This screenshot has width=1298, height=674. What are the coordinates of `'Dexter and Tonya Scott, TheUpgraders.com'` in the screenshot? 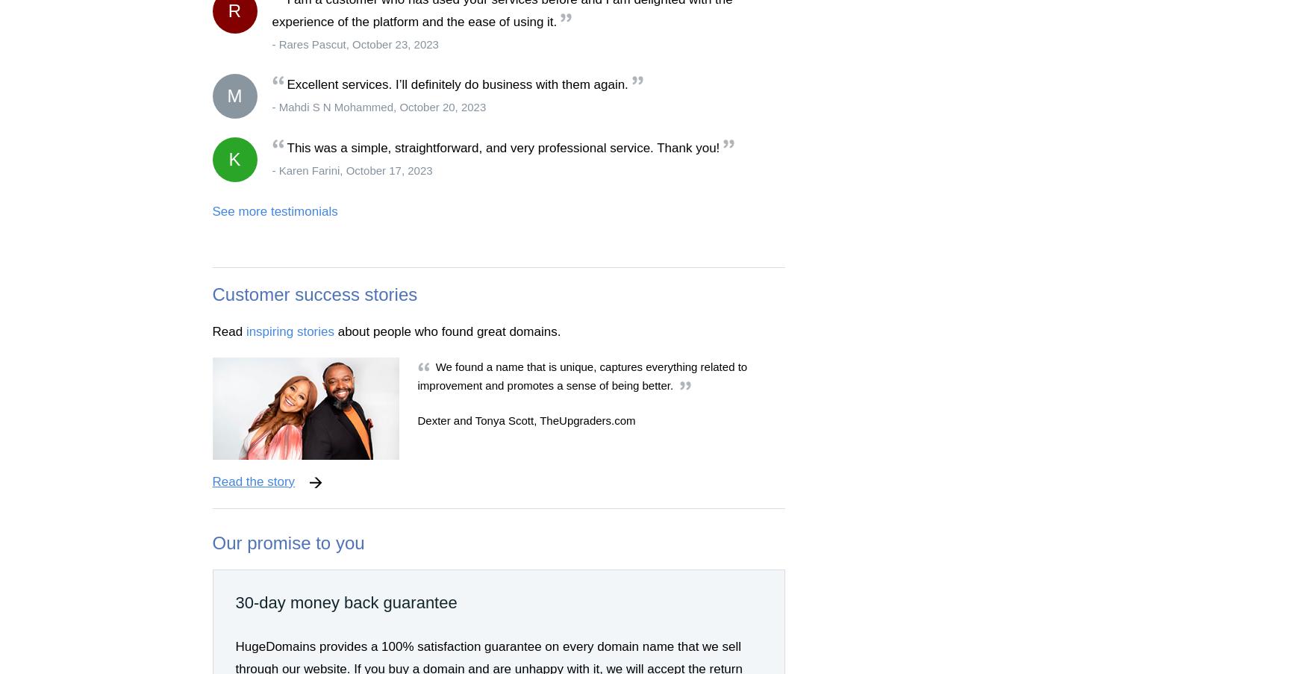 It's located at (525, 419).